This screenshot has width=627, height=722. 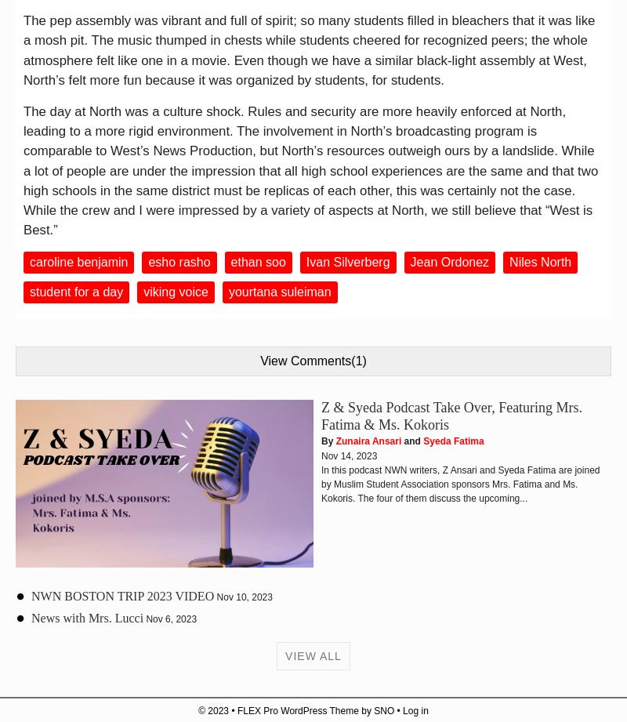 I want to click on 'and', so click(x=411, y=441).